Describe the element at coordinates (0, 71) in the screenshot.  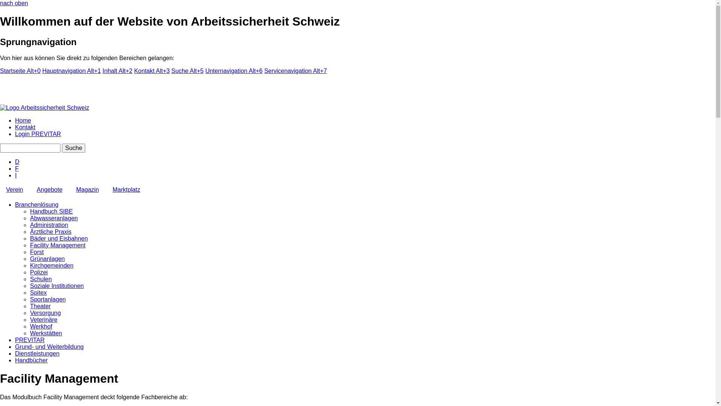
I see `'Startseite Alt+0'` at that location.